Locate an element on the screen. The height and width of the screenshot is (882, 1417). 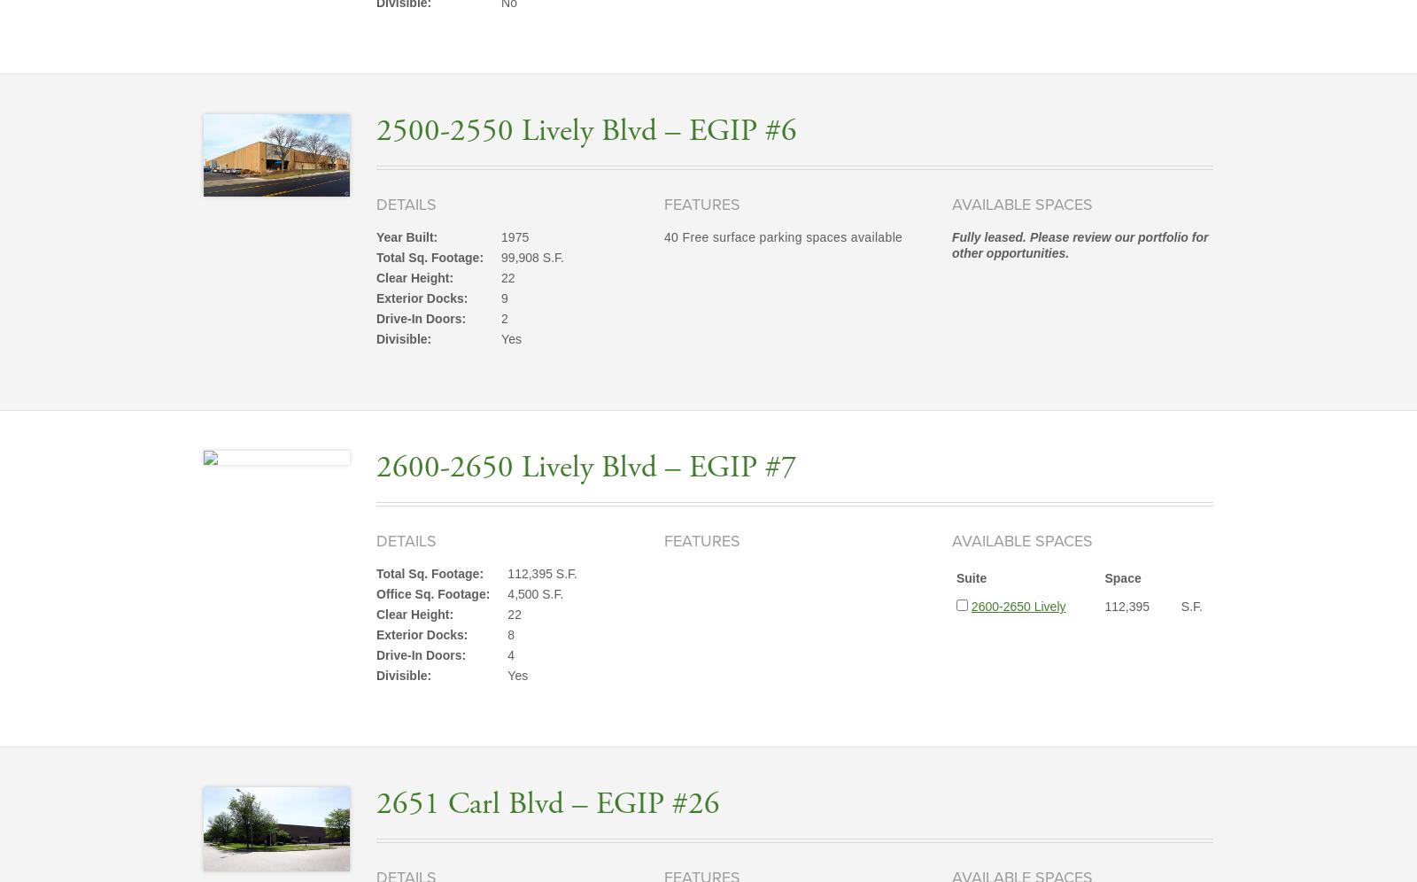
'Office Sq. Footage:' is located at coordinates (431, 594).